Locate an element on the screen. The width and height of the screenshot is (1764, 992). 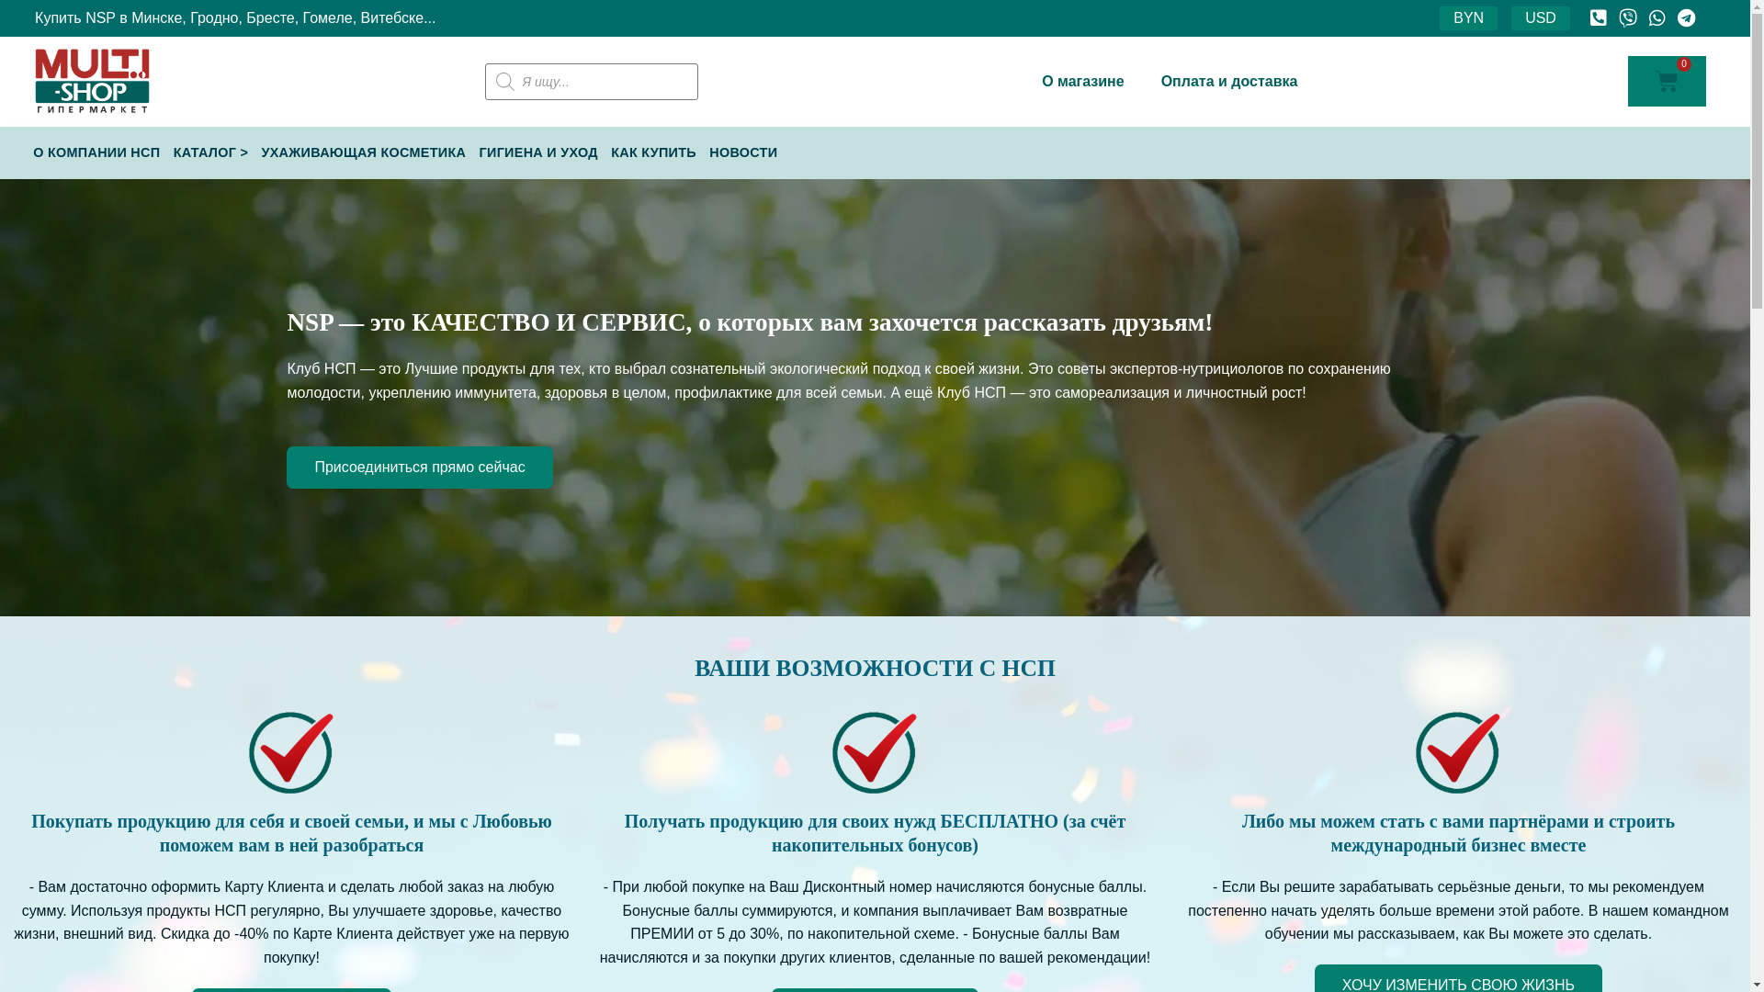
'USD' is located at coordinates (1540, 17).